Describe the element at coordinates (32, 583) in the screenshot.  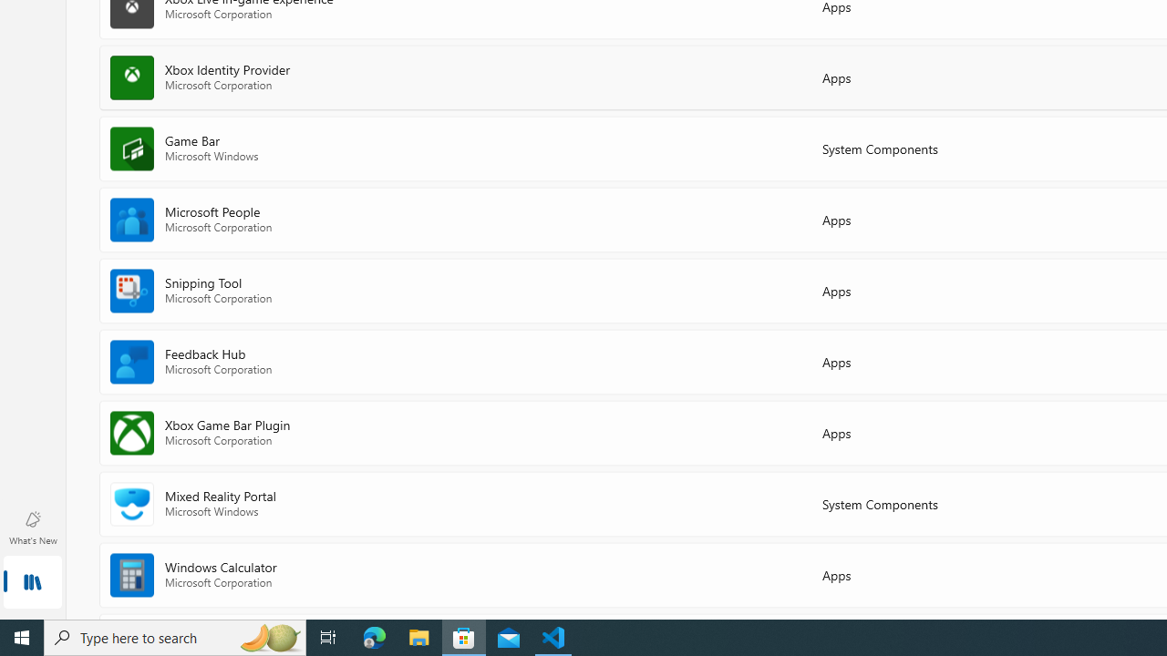
I see `'Library'` at that location.